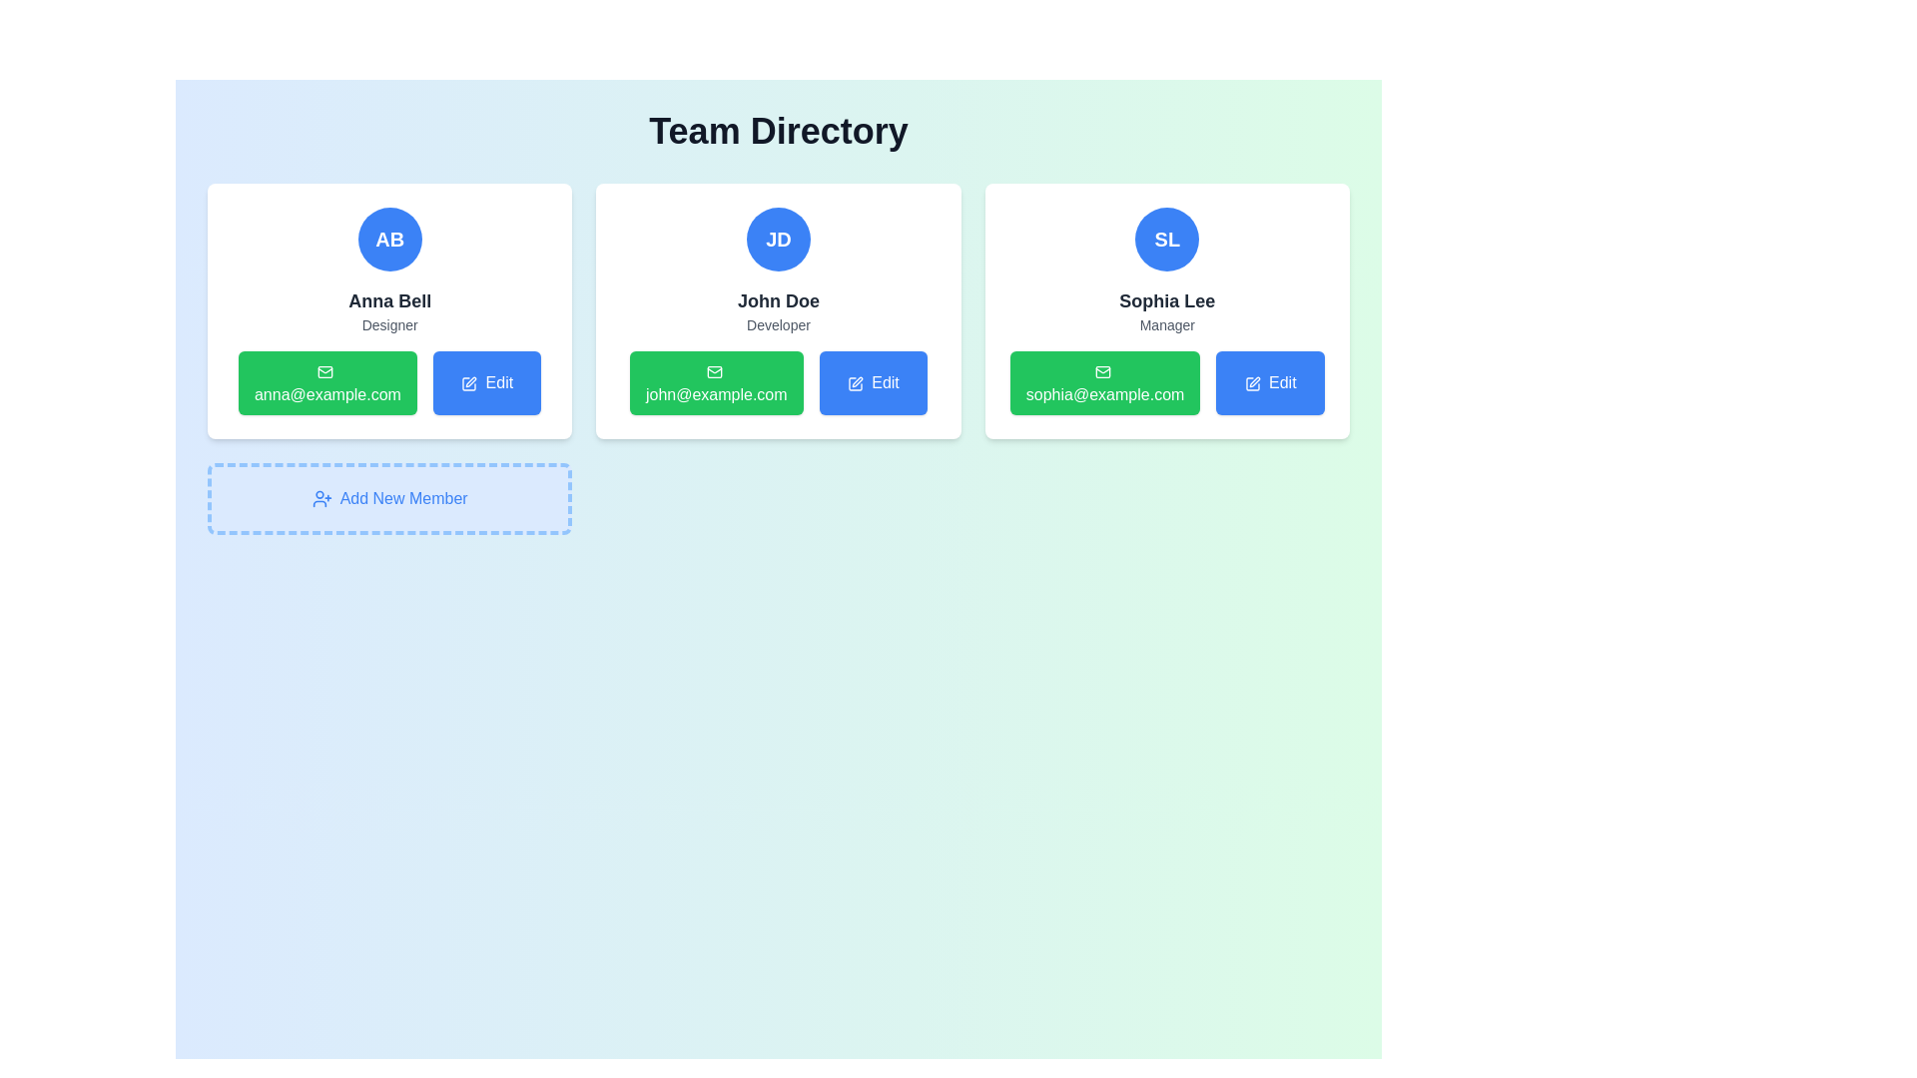  Describe the element at coordinates (1104, 383) in the screenshot. I see `the green button labeled 'sophia@example.com' within the profile card of 'Sophia Lee'` at that location.